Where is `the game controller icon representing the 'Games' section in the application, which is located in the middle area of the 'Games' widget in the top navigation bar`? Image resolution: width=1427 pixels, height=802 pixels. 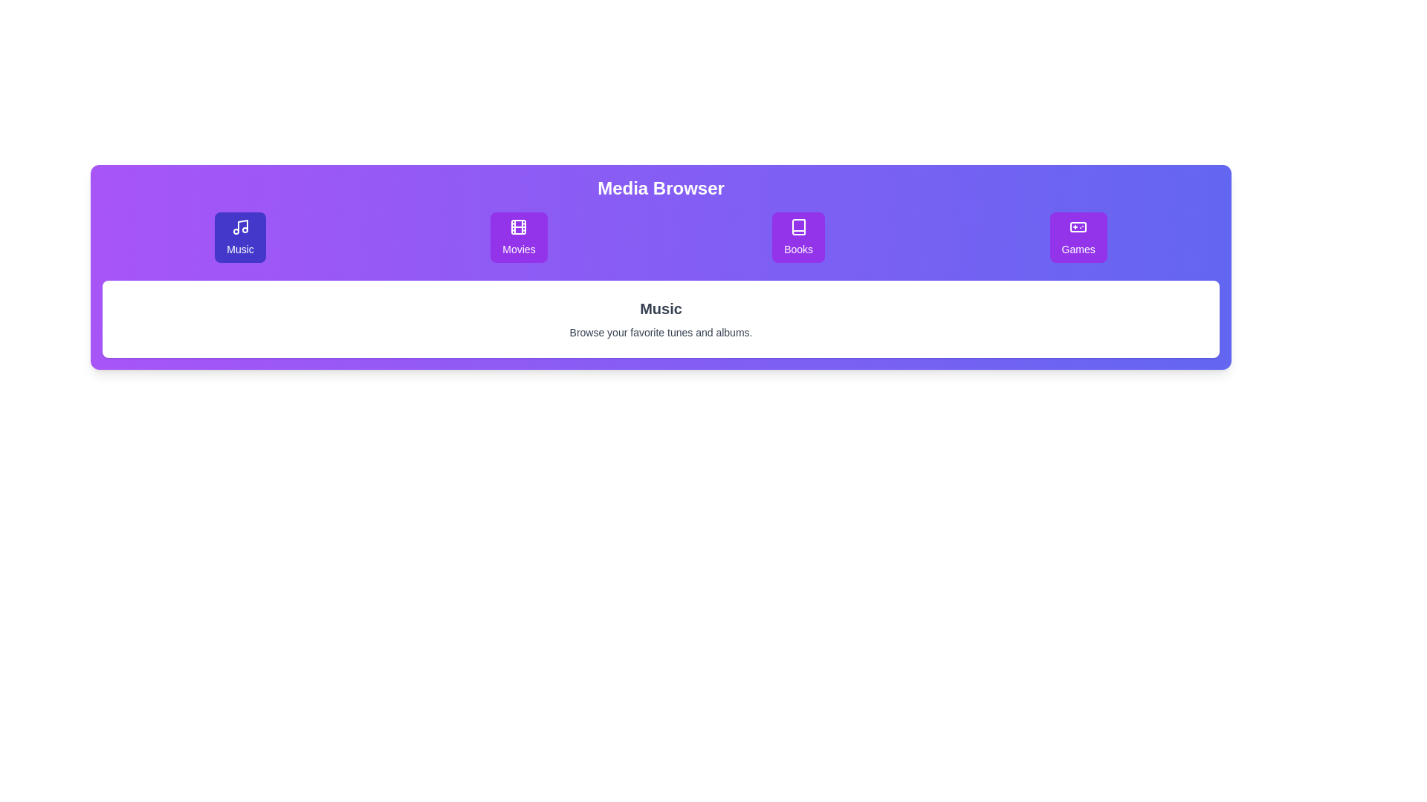
the game controller icon representing the 'Games' section in the application, which is located in the middle area of the 'Games' widget in the top navigation bar is located at coordinates (1078, 226).